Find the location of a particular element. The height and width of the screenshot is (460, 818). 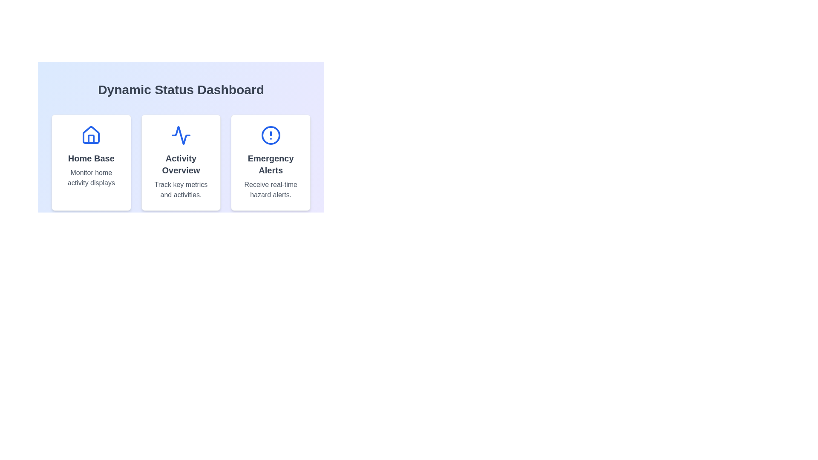

the blue zigzag line SVG graphic that is centrally located in the 'Activity Overview' card, which is the middle card in a horizontal layout of three cards is located at coordinates (180, 135).